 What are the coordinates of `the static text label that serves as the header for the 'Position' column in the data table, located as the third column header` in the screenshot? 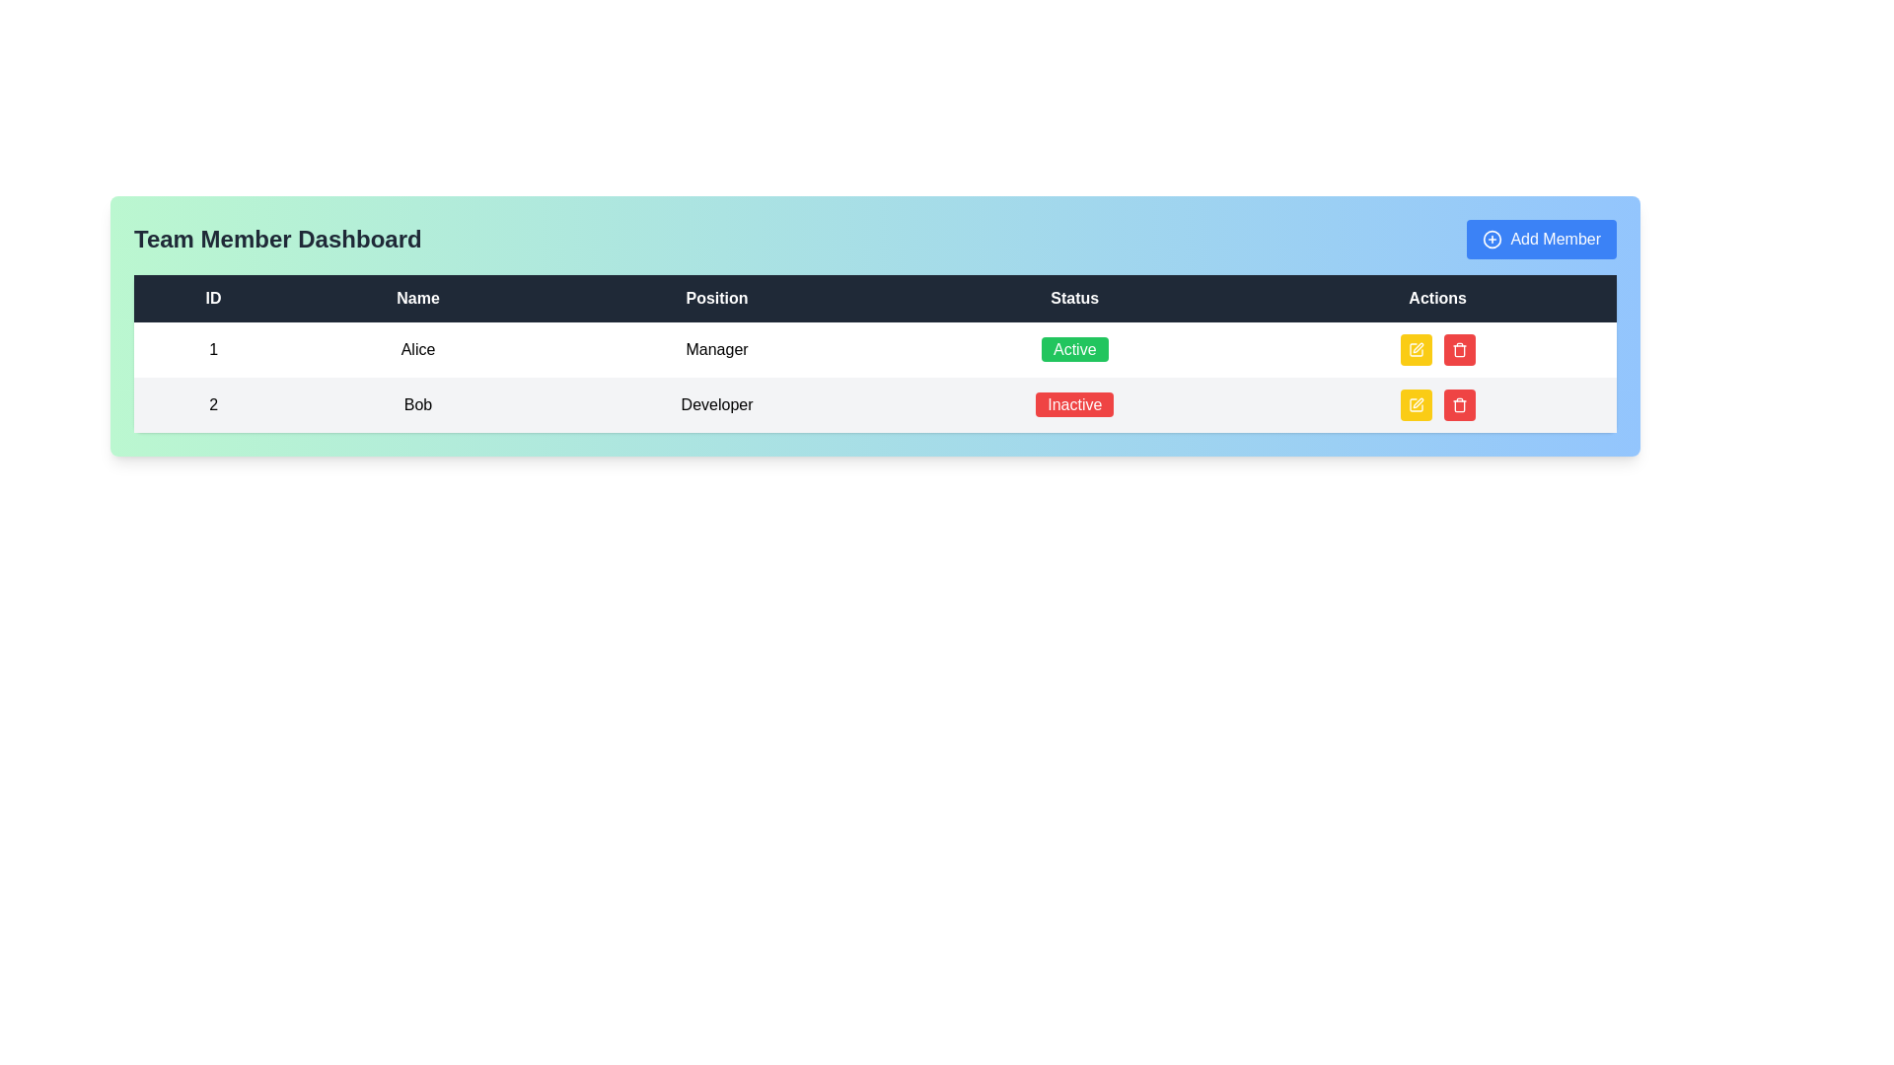 It's located at (716, 299).